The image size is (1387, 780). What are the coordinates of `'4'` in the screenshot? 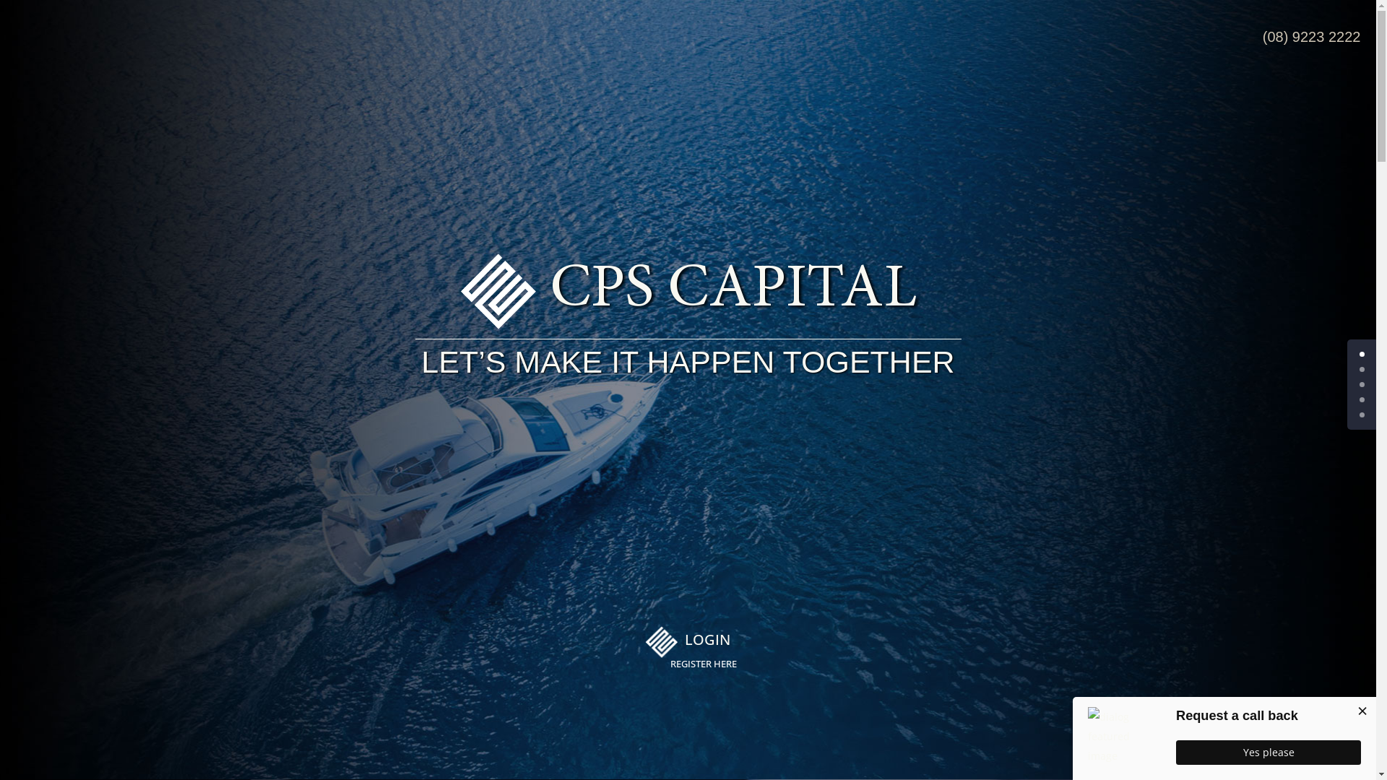 It's located at (1361, 415).